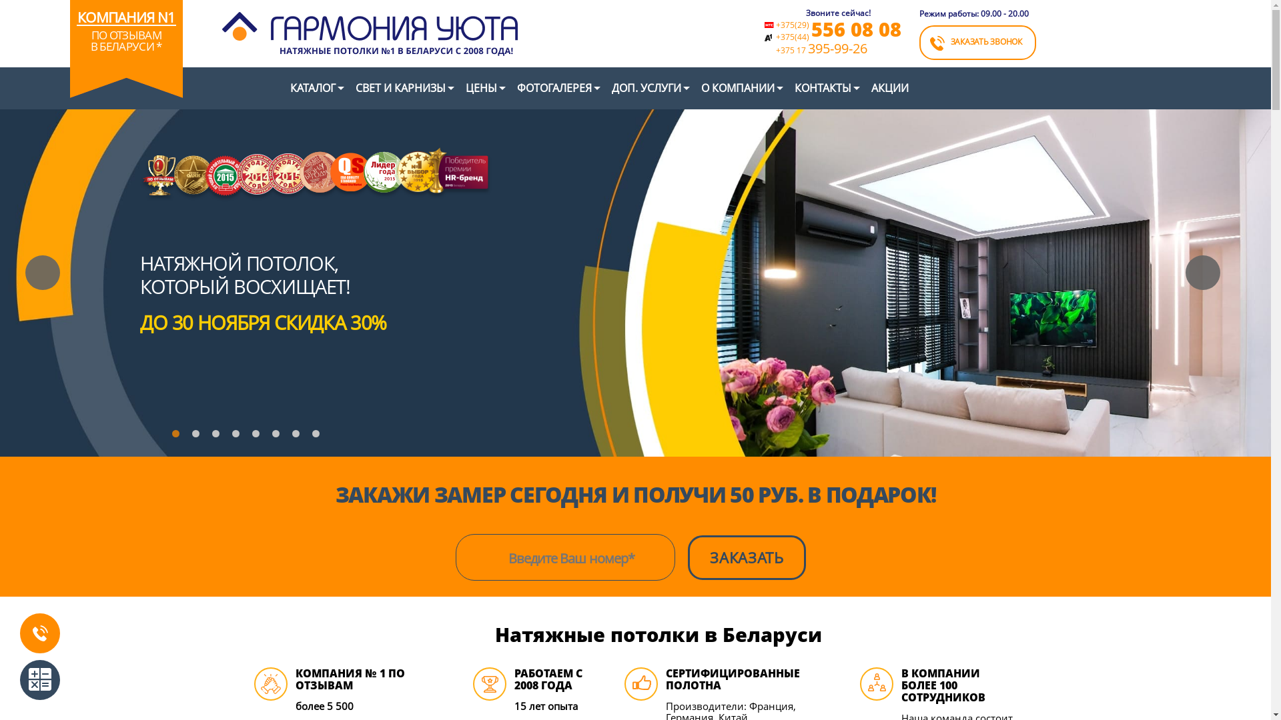 The image size is (1281, 720). Describe the element at coordinates (298, 437) in the screenshot. I see `'7'` at that location.